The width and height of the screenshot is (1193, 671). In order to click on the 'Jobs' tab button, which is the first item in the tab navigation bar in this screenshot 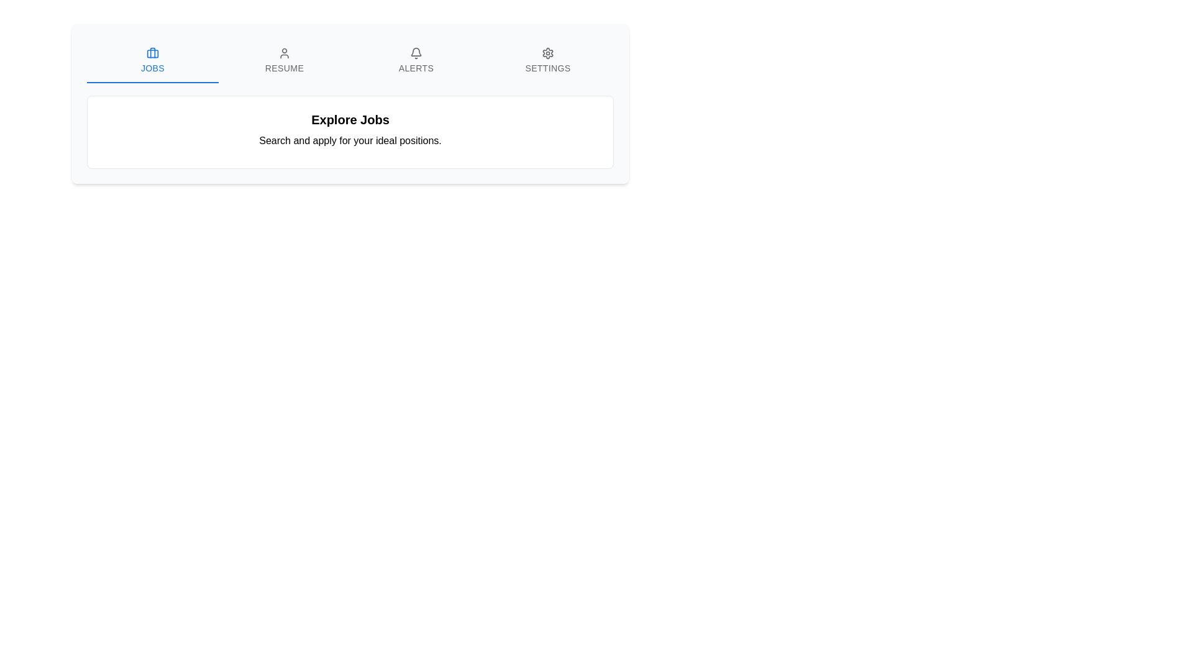, I will do `click(152, 60)`.